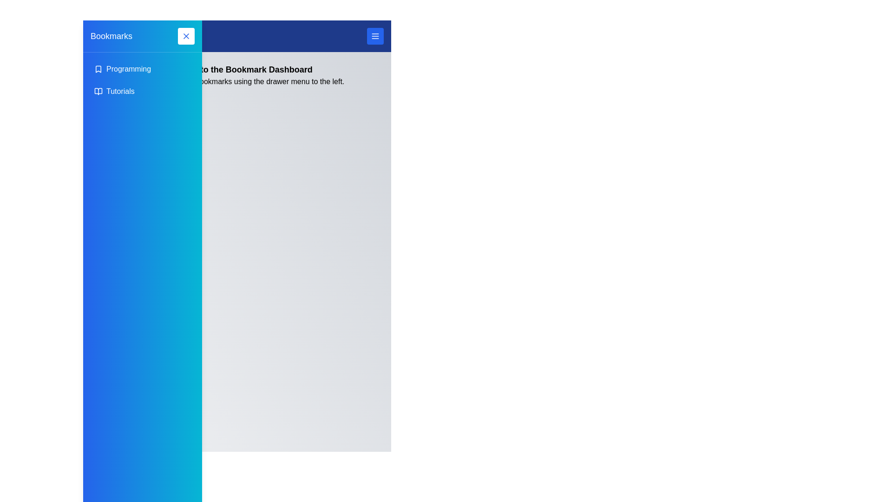 The image size is (892, 502). I want to click on the 'Tutorials' interactive menu button, which is the second item in the vertical sidebar menu, located below the 'Programming' button, so click(142, 91).